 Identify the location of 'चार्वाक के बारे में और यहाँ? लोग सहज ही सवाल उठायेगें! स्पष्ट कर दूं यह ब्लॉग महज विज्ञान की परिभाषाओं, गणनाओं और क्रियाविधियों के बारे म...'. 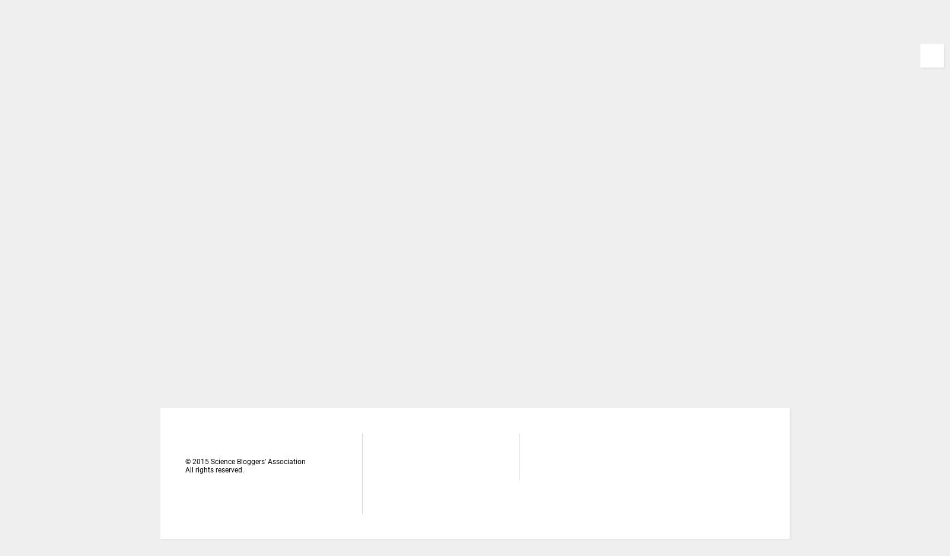
(646, 46).